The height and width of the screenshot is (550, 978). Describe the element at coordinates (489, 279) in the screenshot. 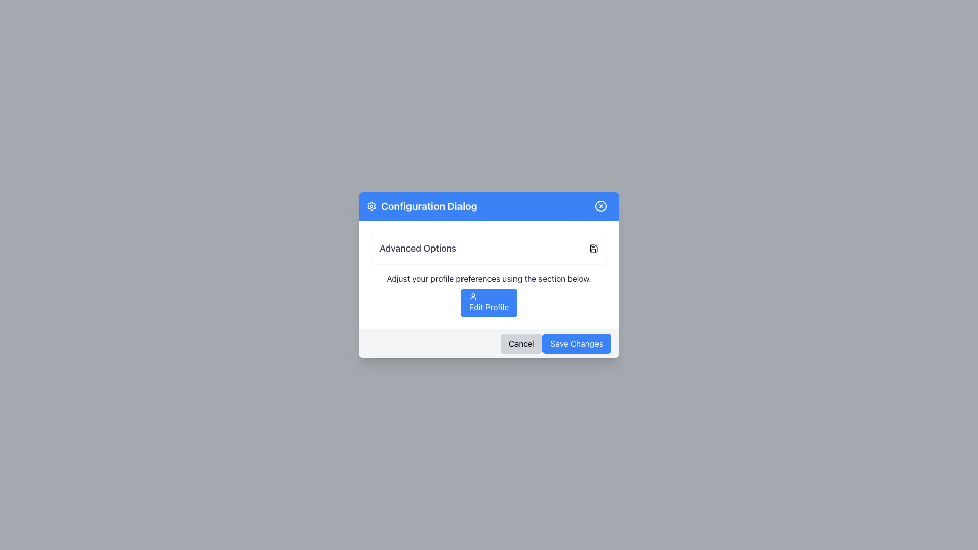

I see `the static text label displaying the message 'Adjust your profile preferences using the section below.' which is styled in dark gray and located in the 'Configuration Dialog' section` at that location.